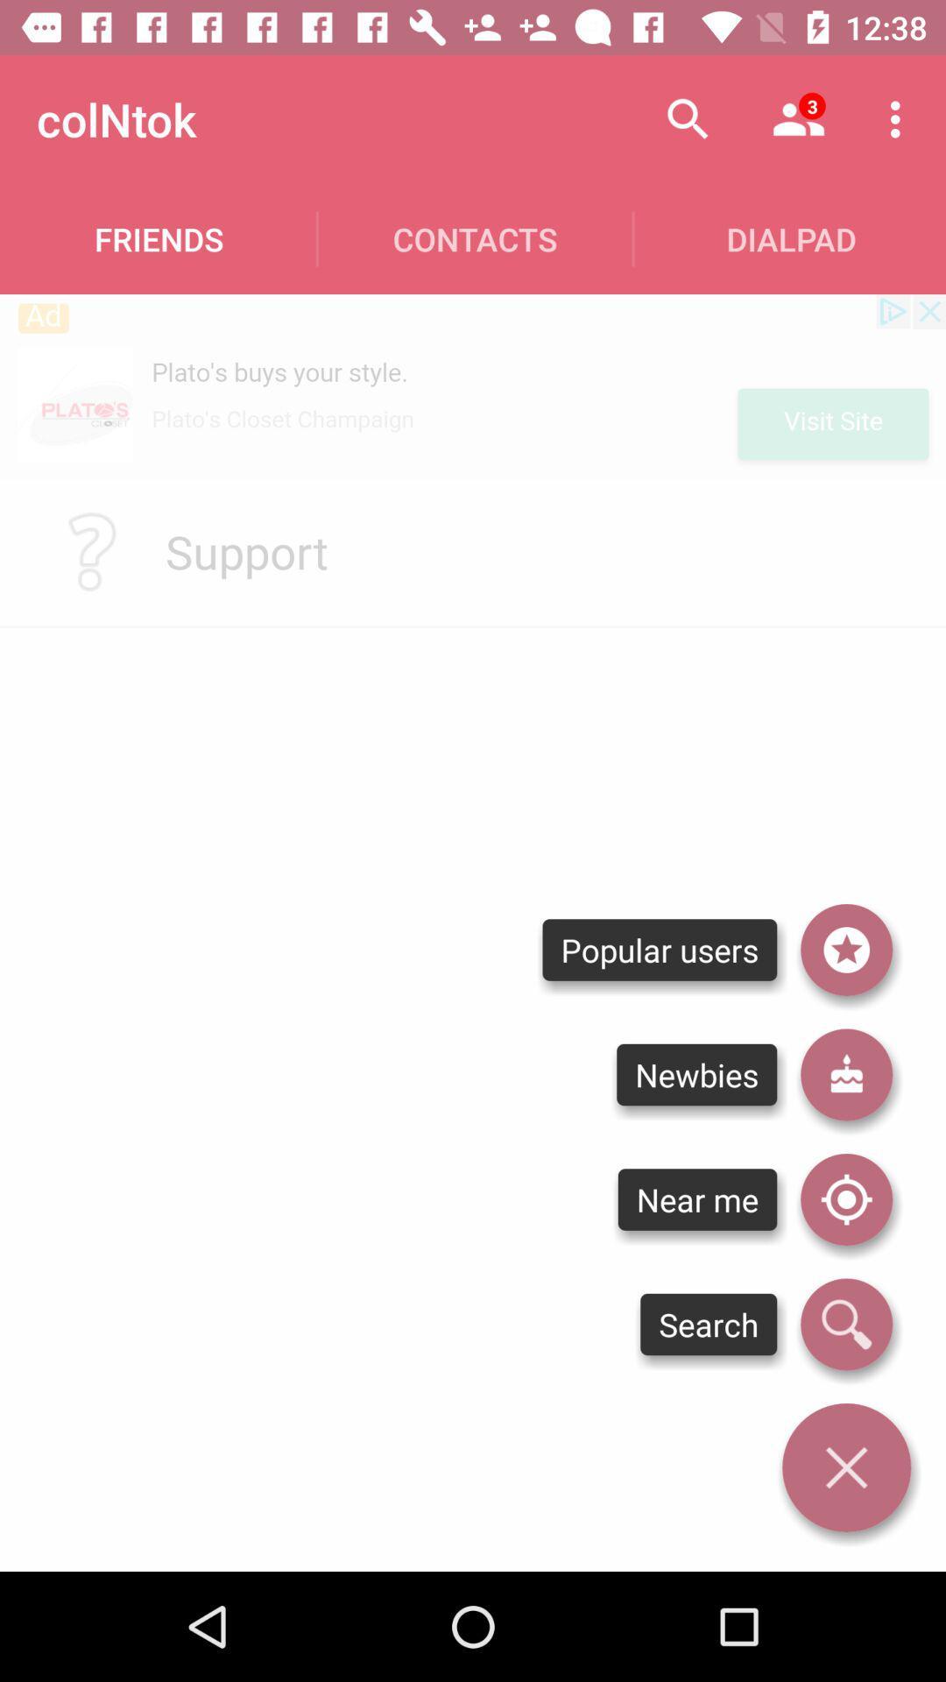 The width and height of the screenshot is (946, 1682). Describe the element at coordinates (845, 1074) in the screenshot. I see `newbie icon` at that location.